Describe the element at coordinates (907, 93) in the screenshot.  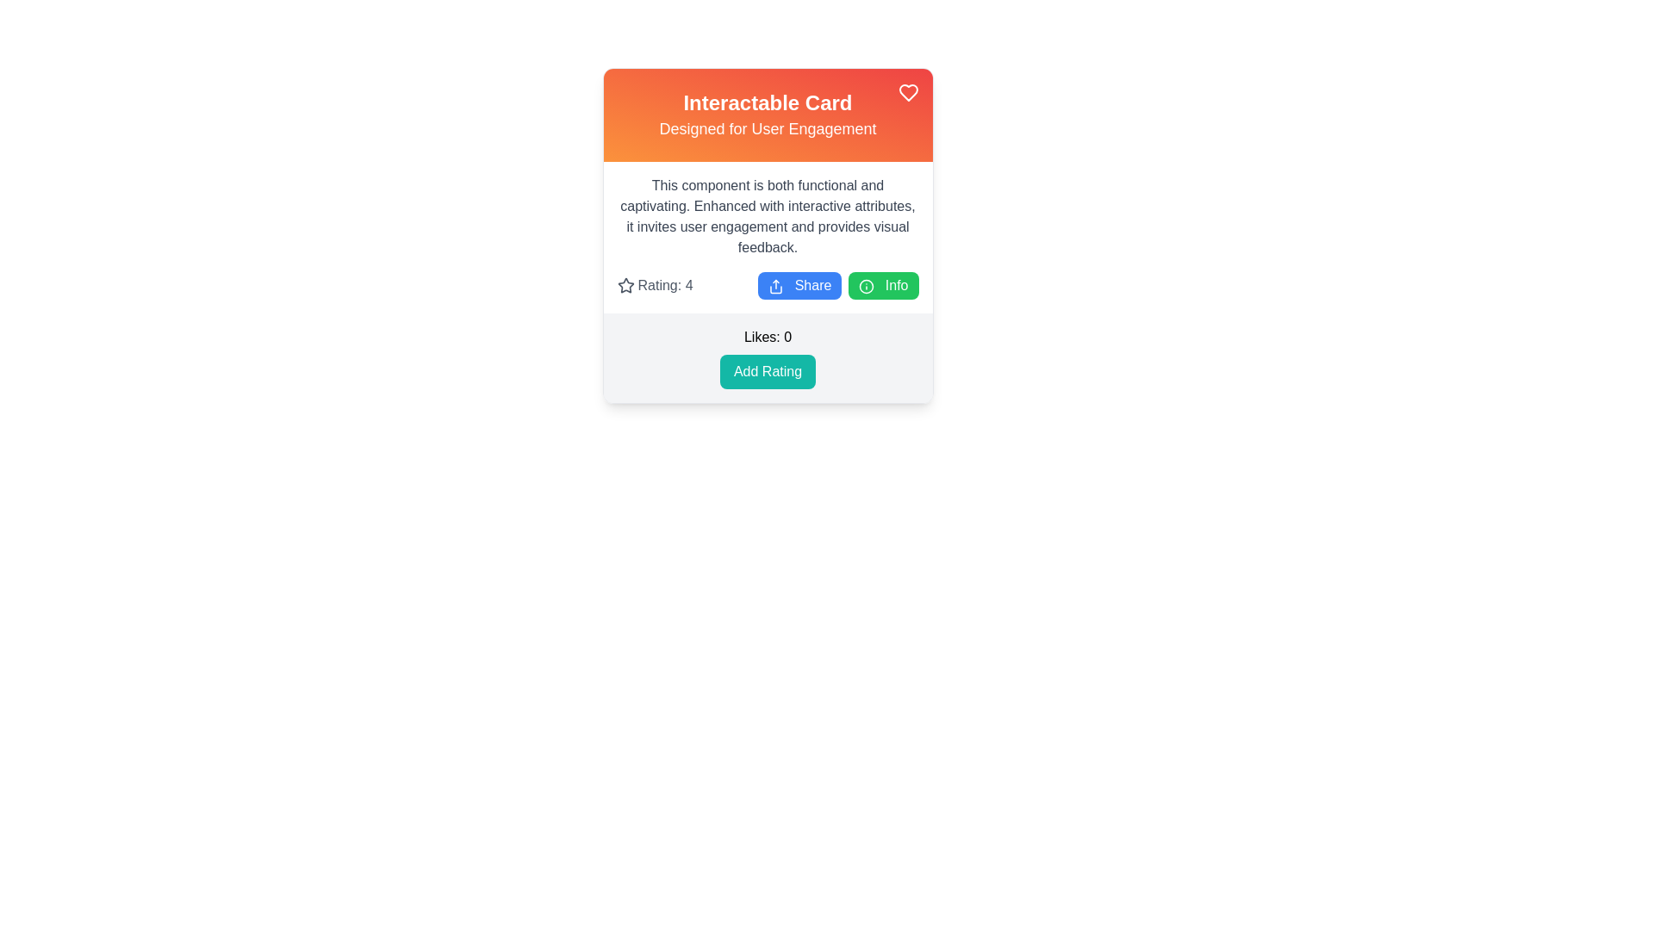
I see `the 'like' or 'favorite' icon located at the top-right corner of the card interface` at that location.